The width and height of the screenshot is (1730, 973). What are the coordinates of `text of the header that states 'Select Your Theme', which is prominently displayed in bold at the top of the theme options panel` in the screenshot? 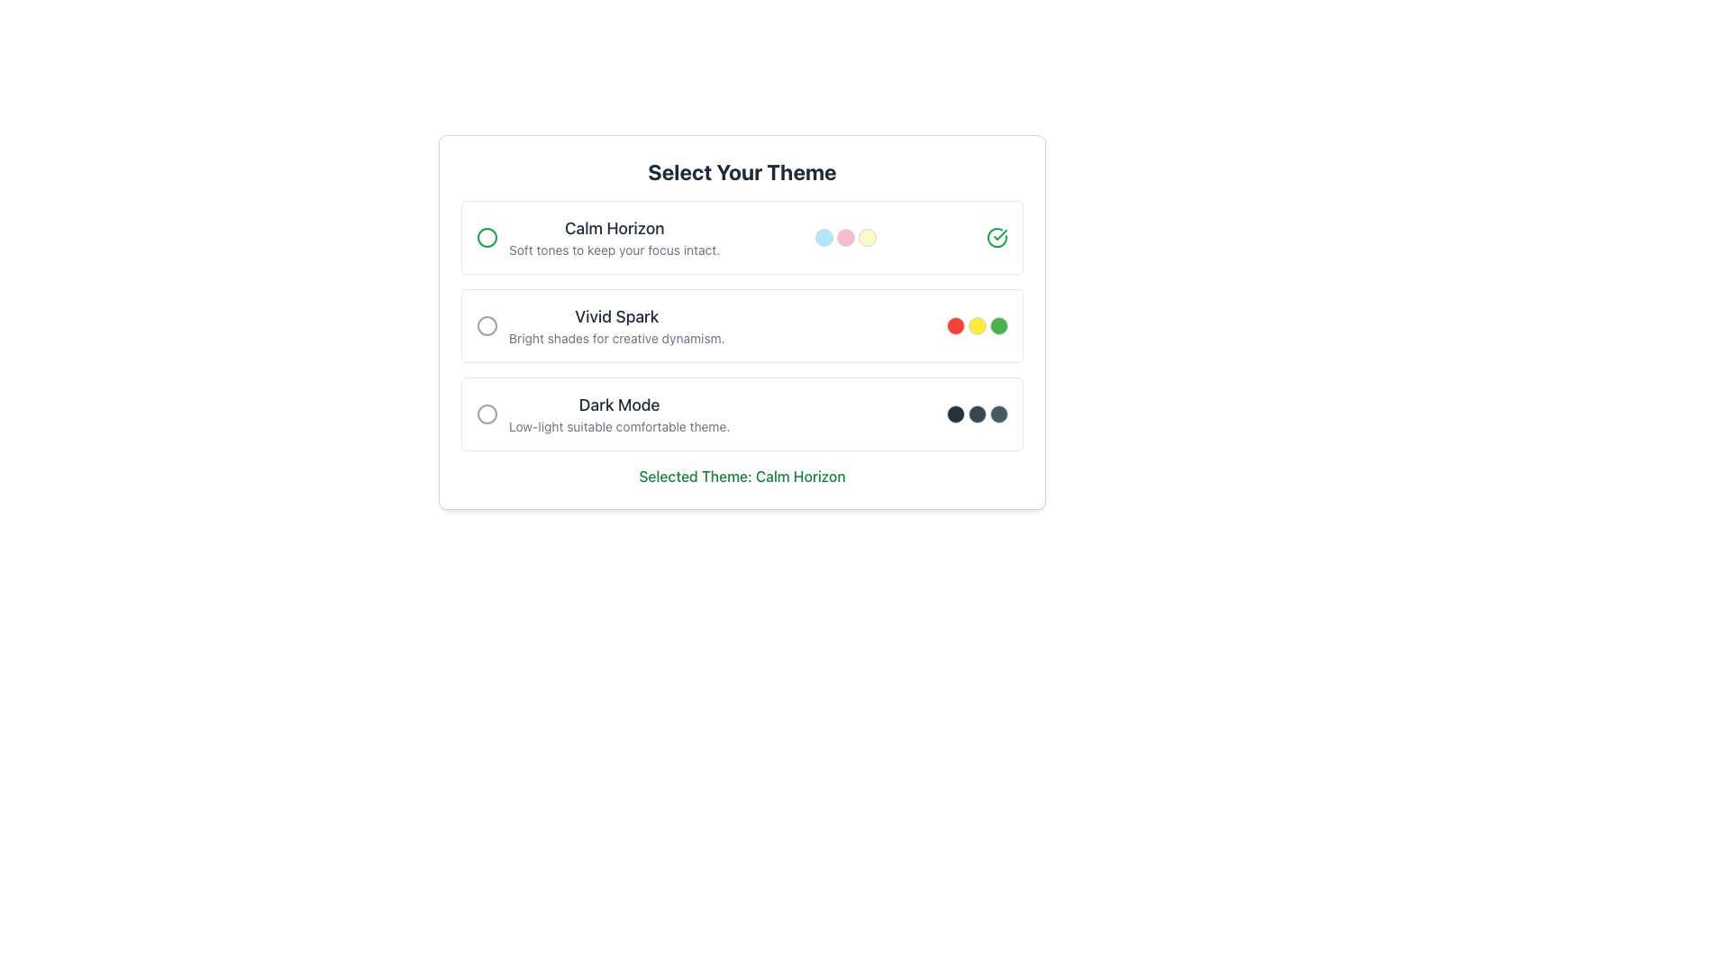 It's located at (742, 172).